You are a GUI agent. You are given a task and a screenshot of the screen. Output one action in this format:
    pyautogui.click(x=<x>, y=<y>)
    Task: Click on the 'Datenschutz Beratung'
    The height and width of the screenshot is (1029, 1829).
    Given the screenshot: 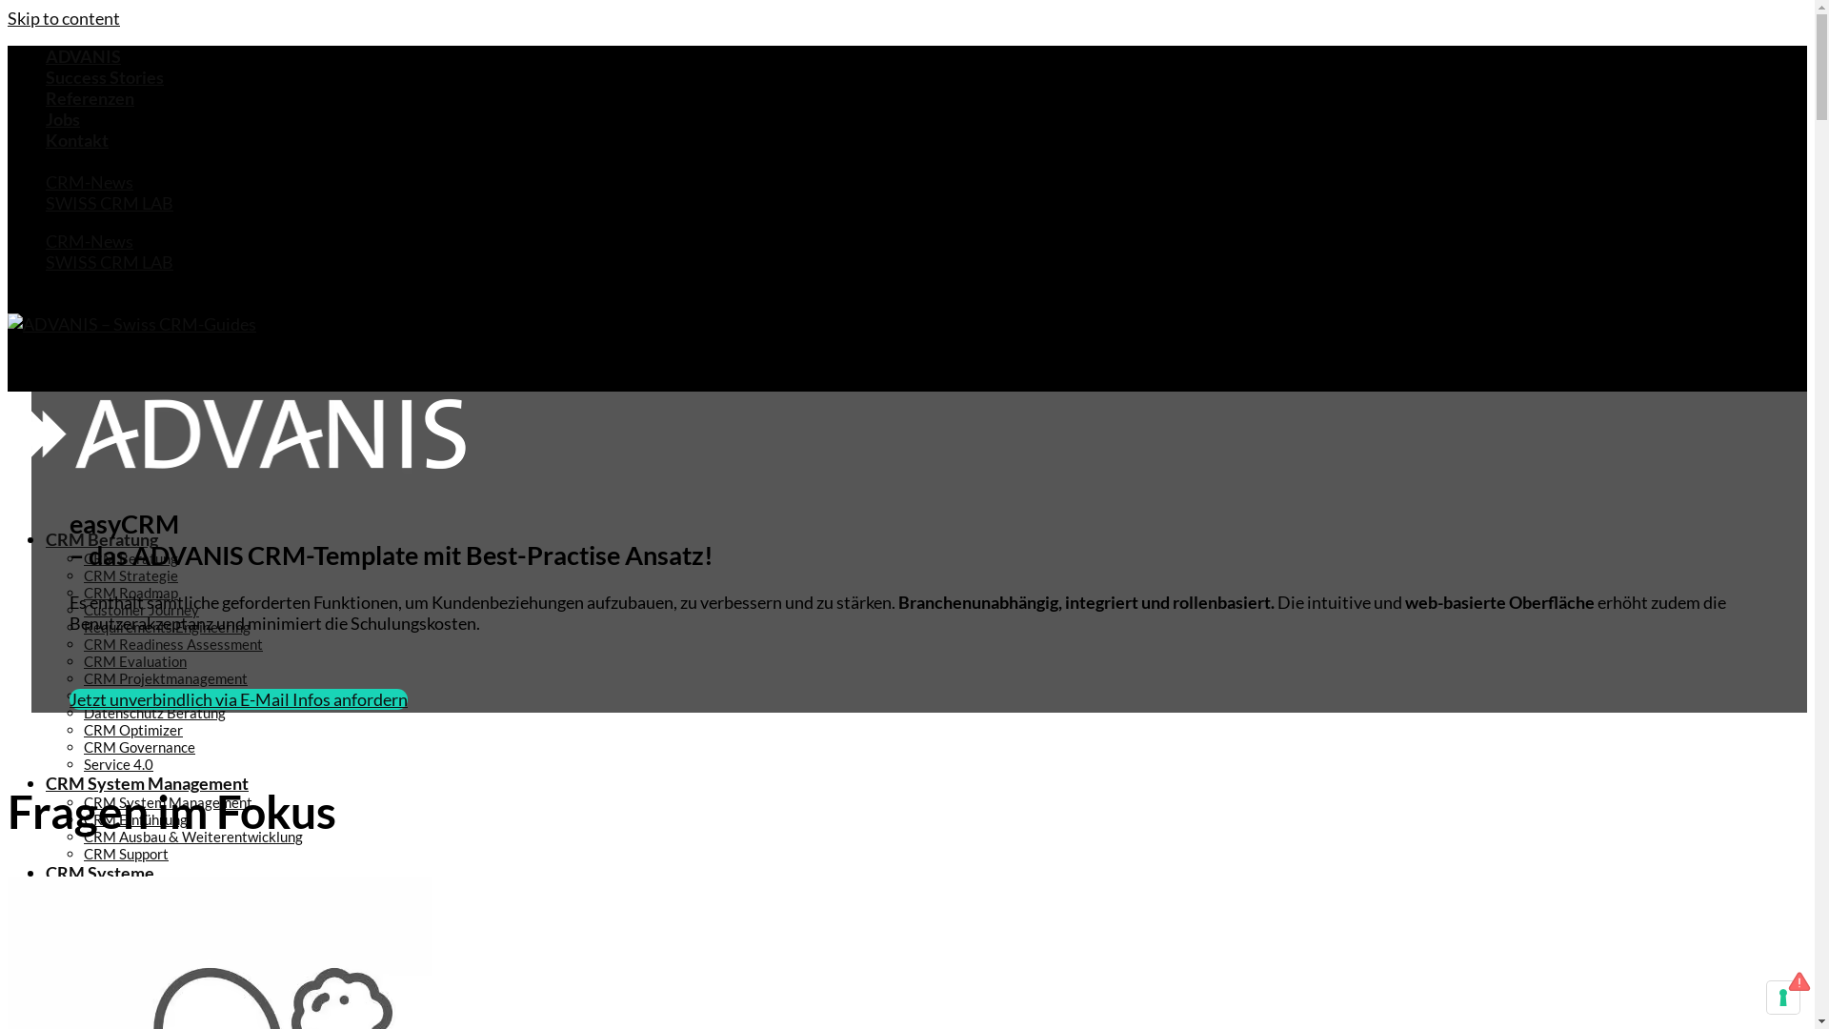 What is the action you would take?
    pyautogui.click(x=154, y=713)
    